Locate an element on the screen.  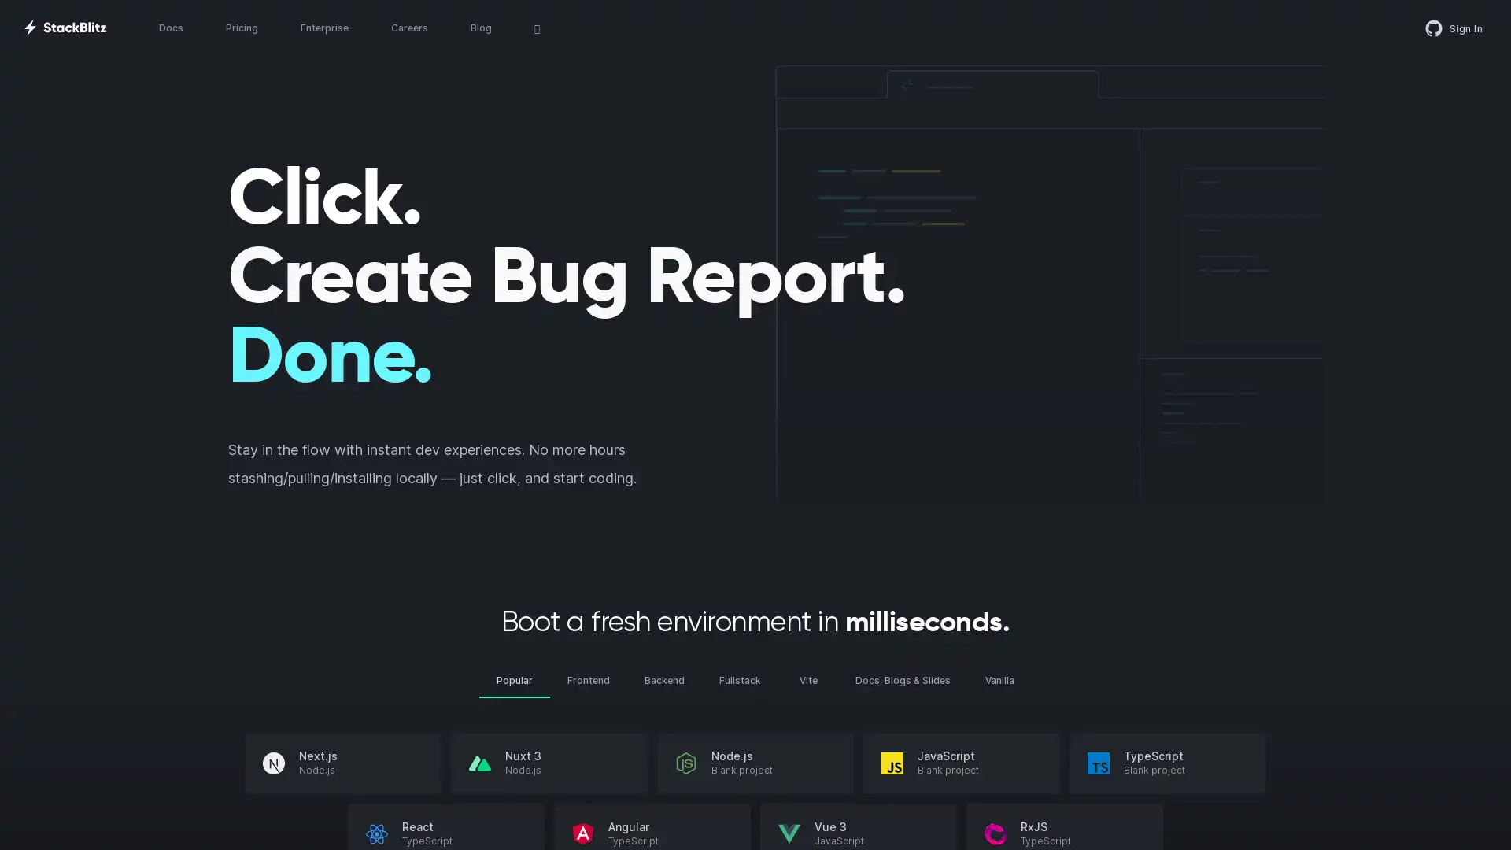
Vite is located at coordinates (808, 679).